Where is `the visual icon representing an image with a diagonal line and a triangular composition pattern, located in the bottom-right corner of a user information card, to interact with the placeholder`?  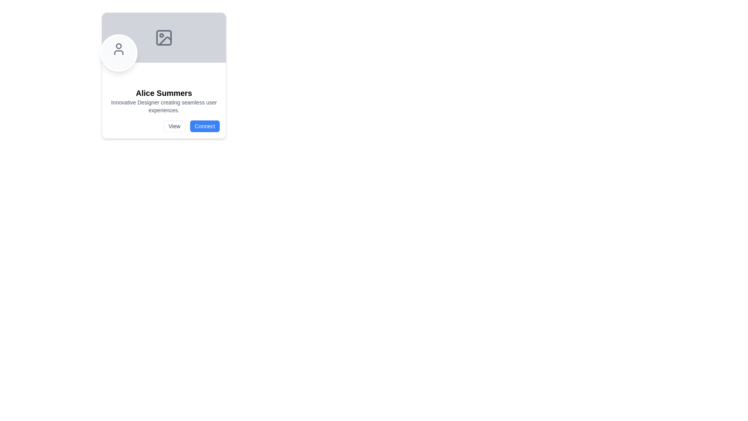
the visual icon representing an image with a diagonal line and a triangular composition pattern, located in the bottom-right corner of a user information card, to interact with the placeholder is located at coordinates (164, 41).